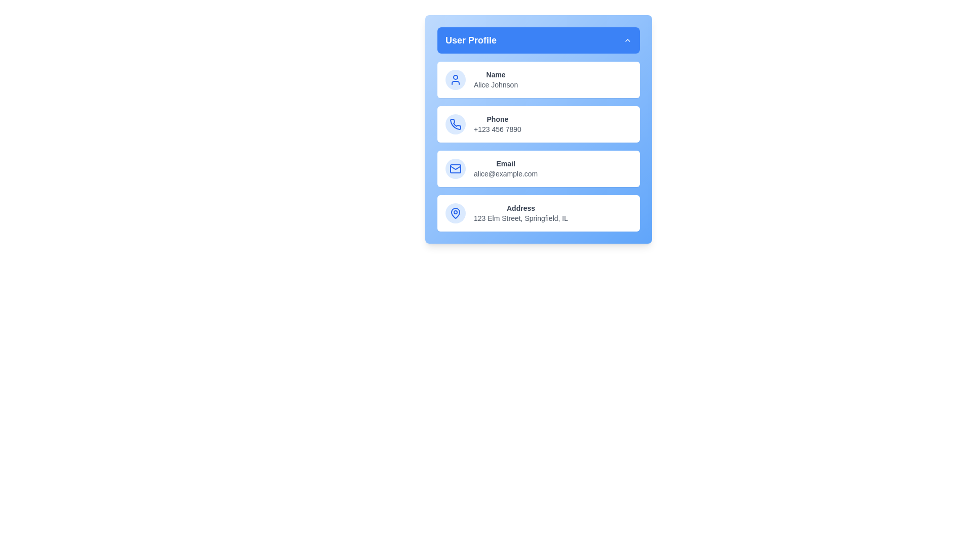 The height and width of the screenshot is (546, 972). Describe the element at coordinates (538, 146) in the screenshot. I see `content displayed in the Information card which includes user profile details such as Name, Phone, Email, and Address` at that location.